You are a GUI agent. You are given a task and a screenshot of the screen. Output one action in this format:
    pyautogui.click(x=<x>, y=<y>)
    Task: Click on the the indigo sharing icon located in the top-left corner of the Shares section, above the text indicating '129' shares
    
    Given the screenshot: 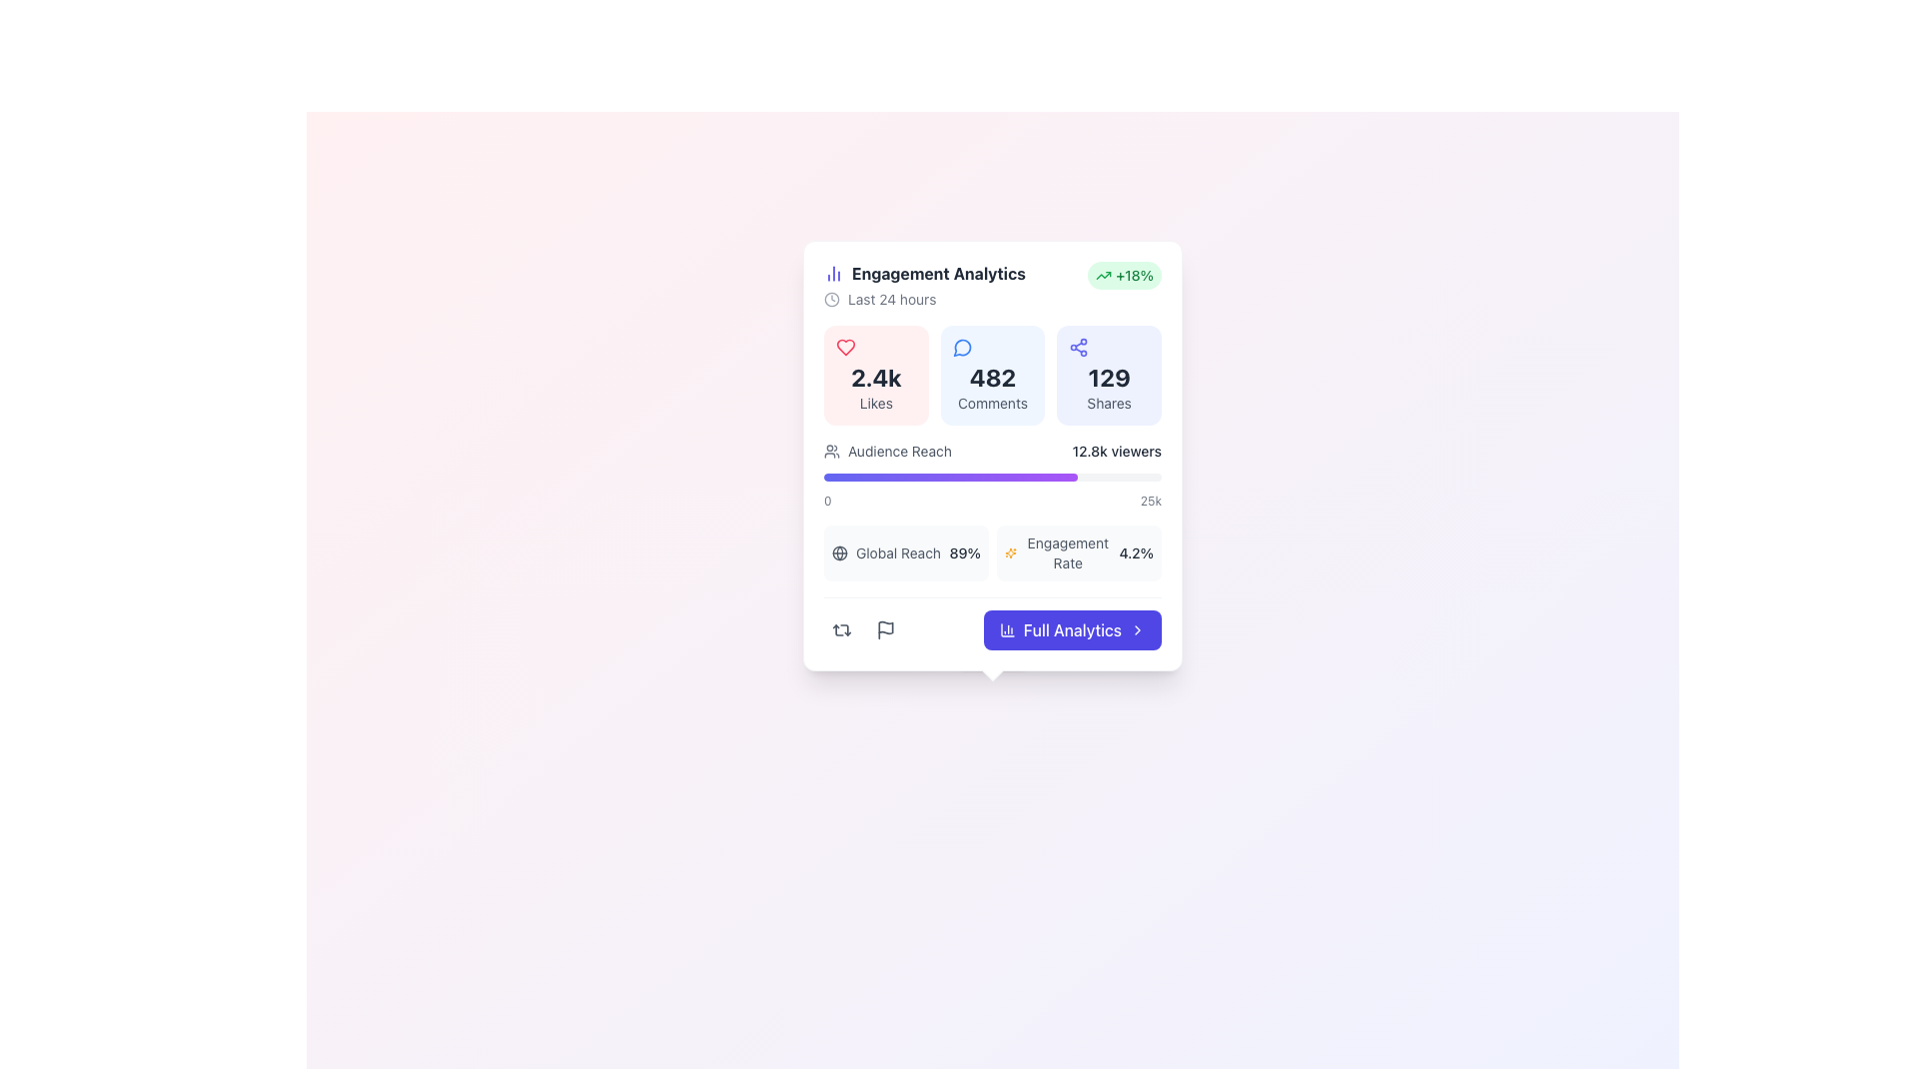 What is the action you would take?
    pyautogui.click(x=1078, y=346)
    